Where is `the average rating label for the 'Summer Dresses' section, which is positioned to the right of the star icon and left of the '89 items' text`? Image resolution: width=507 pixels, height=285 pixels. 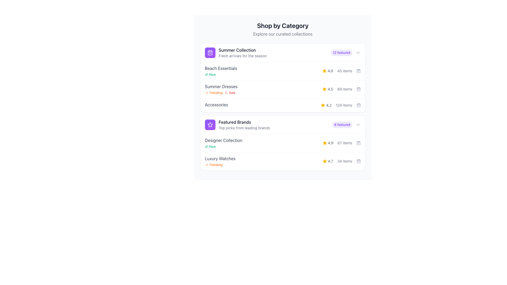 the average rating label for the 'Summer Dresses' section, which is positioned to the right of the star icon and left of the '89 items' text is located at coordinates (327, 89).